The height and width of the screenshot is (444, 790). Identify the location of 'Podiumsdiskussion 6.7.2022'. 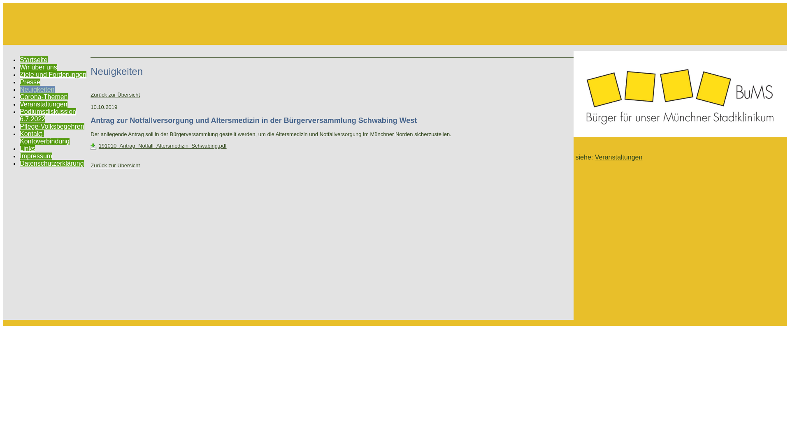
(47, 115).